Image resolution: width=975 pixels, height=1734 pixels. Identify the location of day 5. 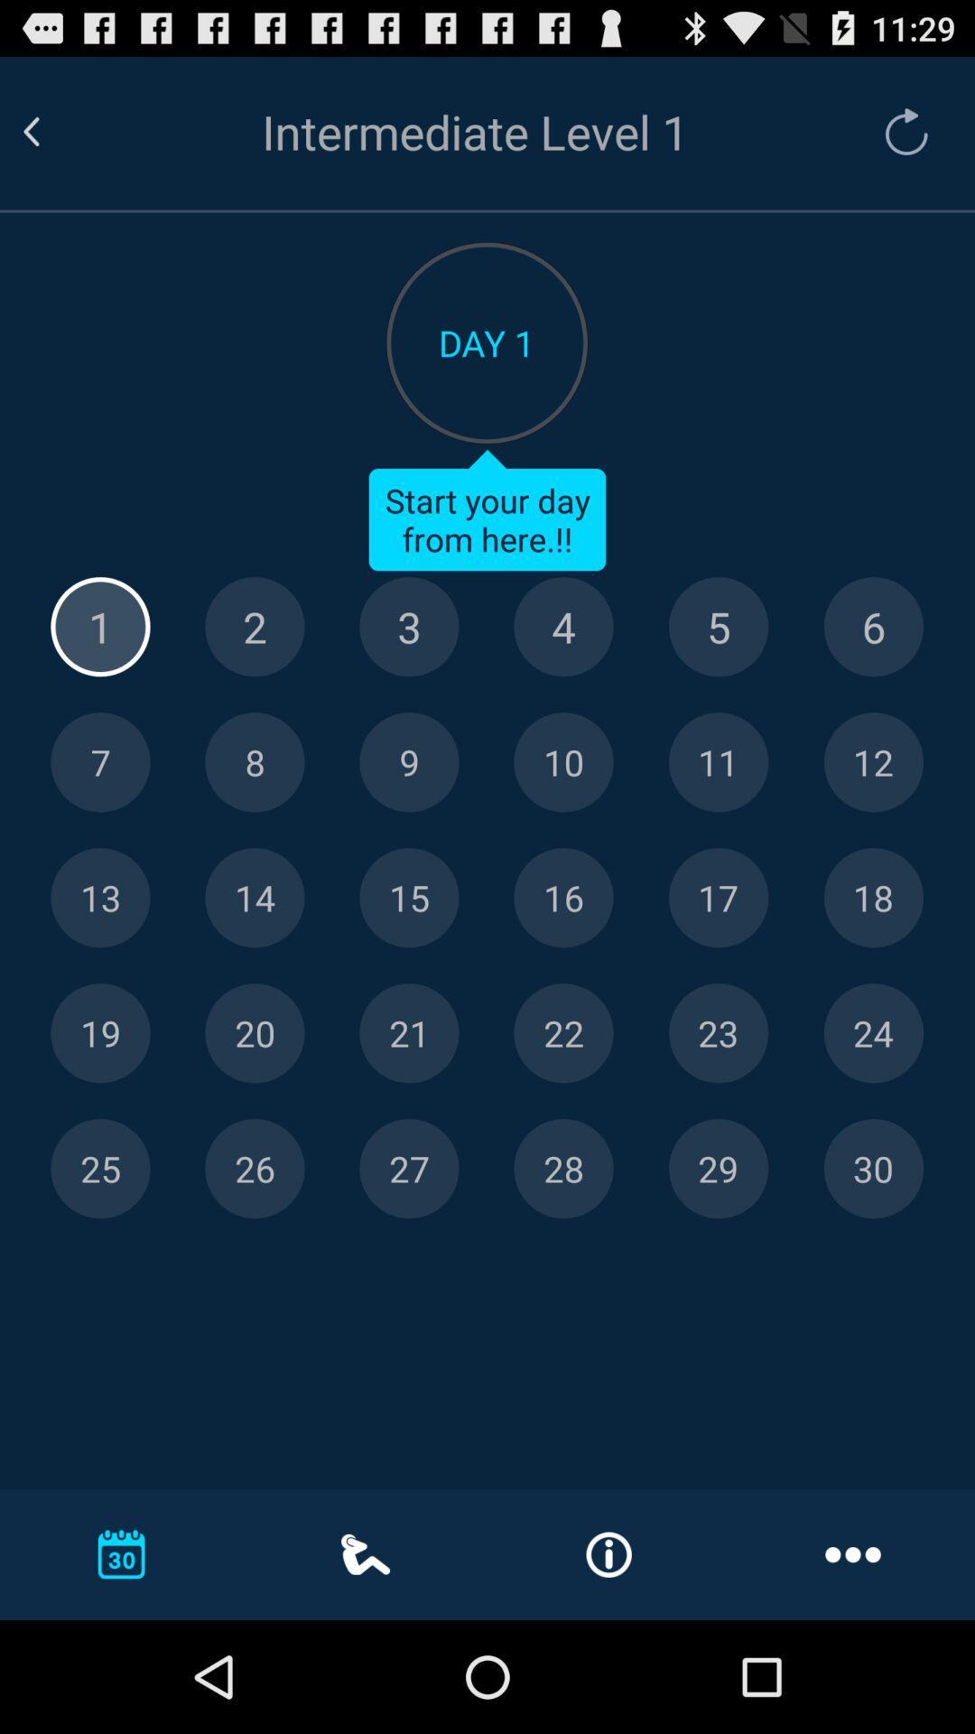
(718, 627).